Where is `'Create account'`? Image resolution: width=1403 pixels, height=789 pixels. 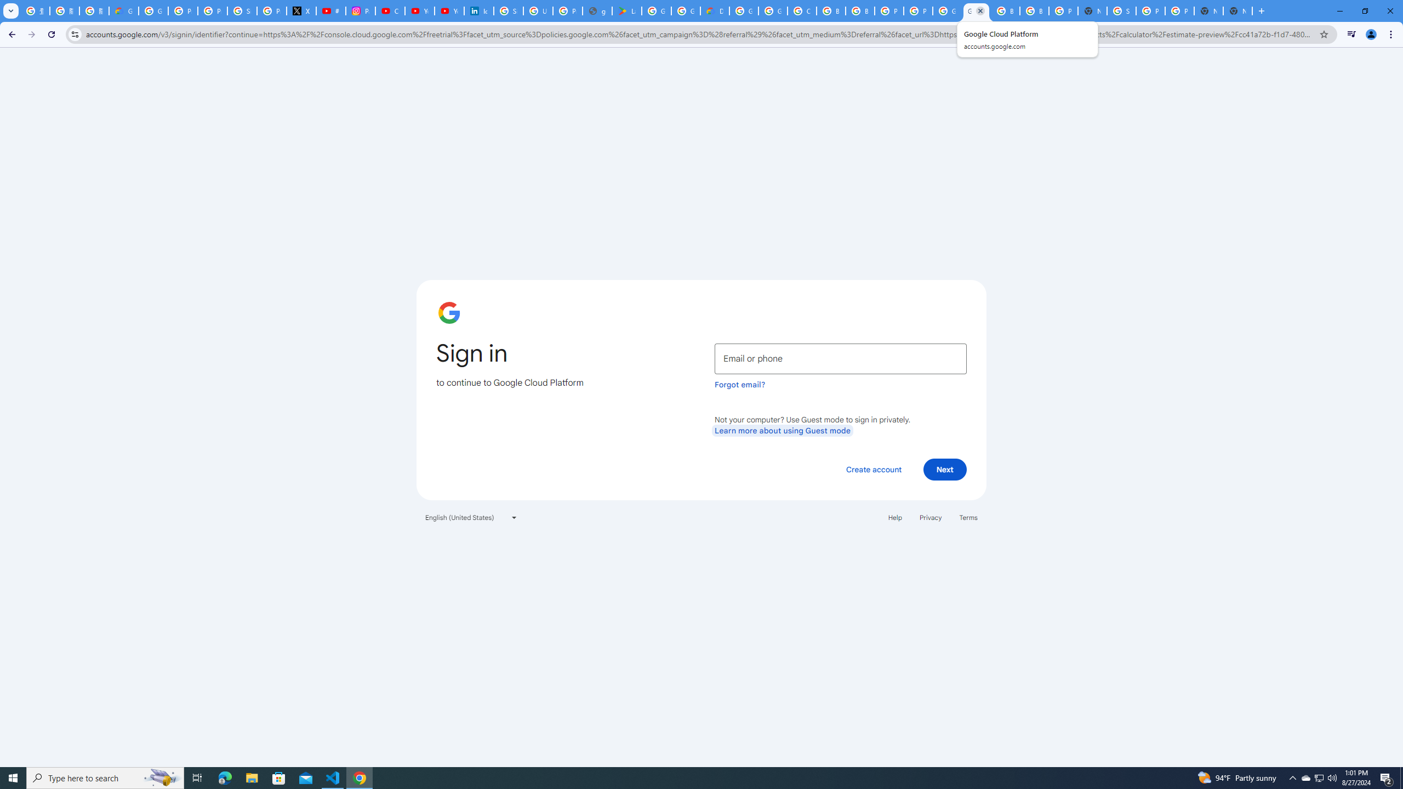
'Create account' is located at coordinates (873, 468).